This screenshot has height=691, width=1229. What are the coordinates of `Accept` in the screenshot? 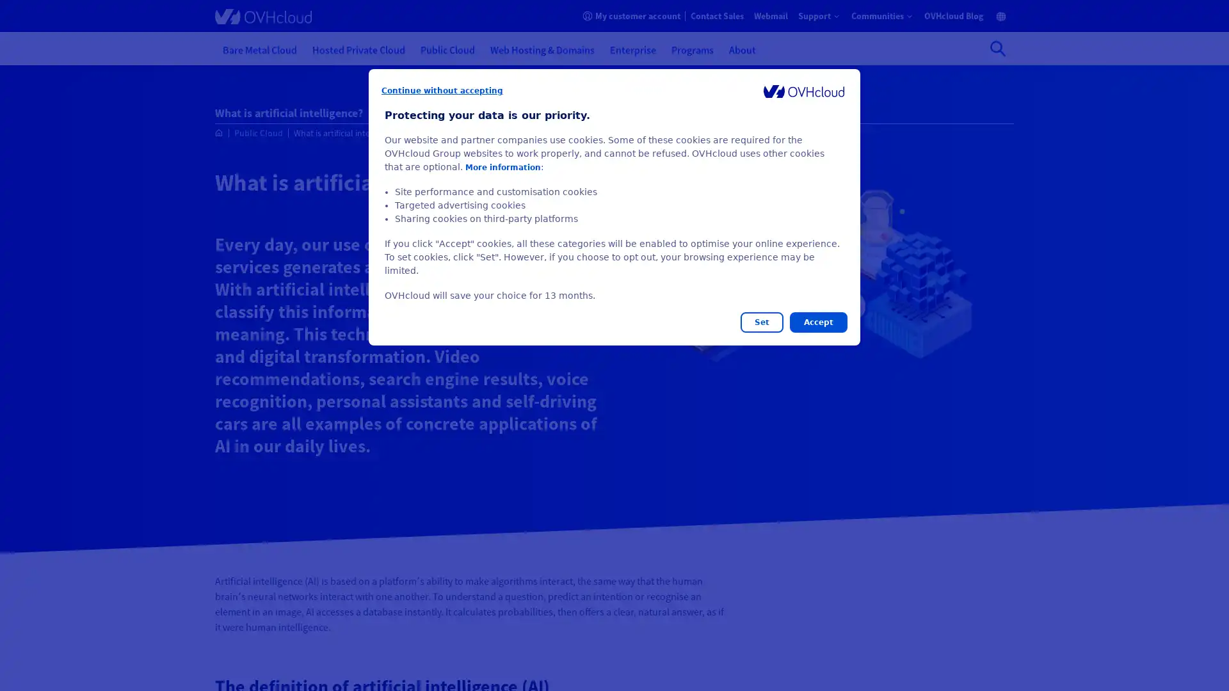 It's located at (817, 322).